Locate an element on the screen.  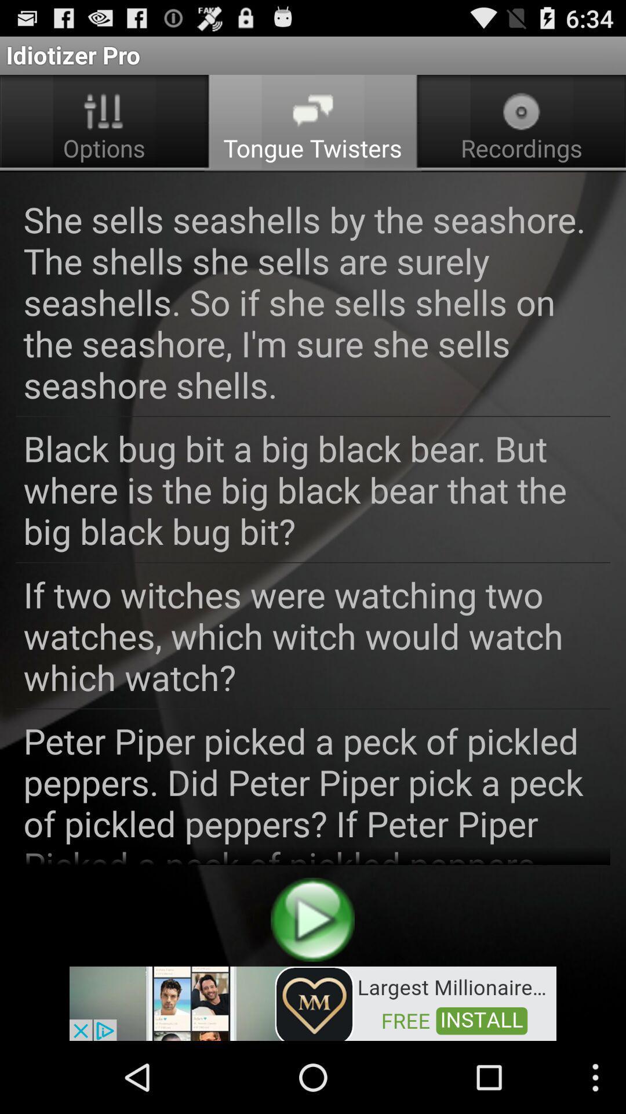
go next is located at coordinates (312, 919).